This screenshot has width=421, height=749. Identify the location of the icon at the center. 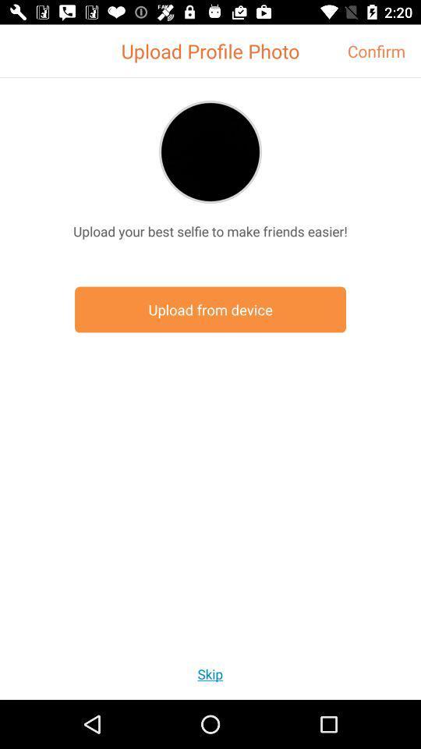
(210, 309).